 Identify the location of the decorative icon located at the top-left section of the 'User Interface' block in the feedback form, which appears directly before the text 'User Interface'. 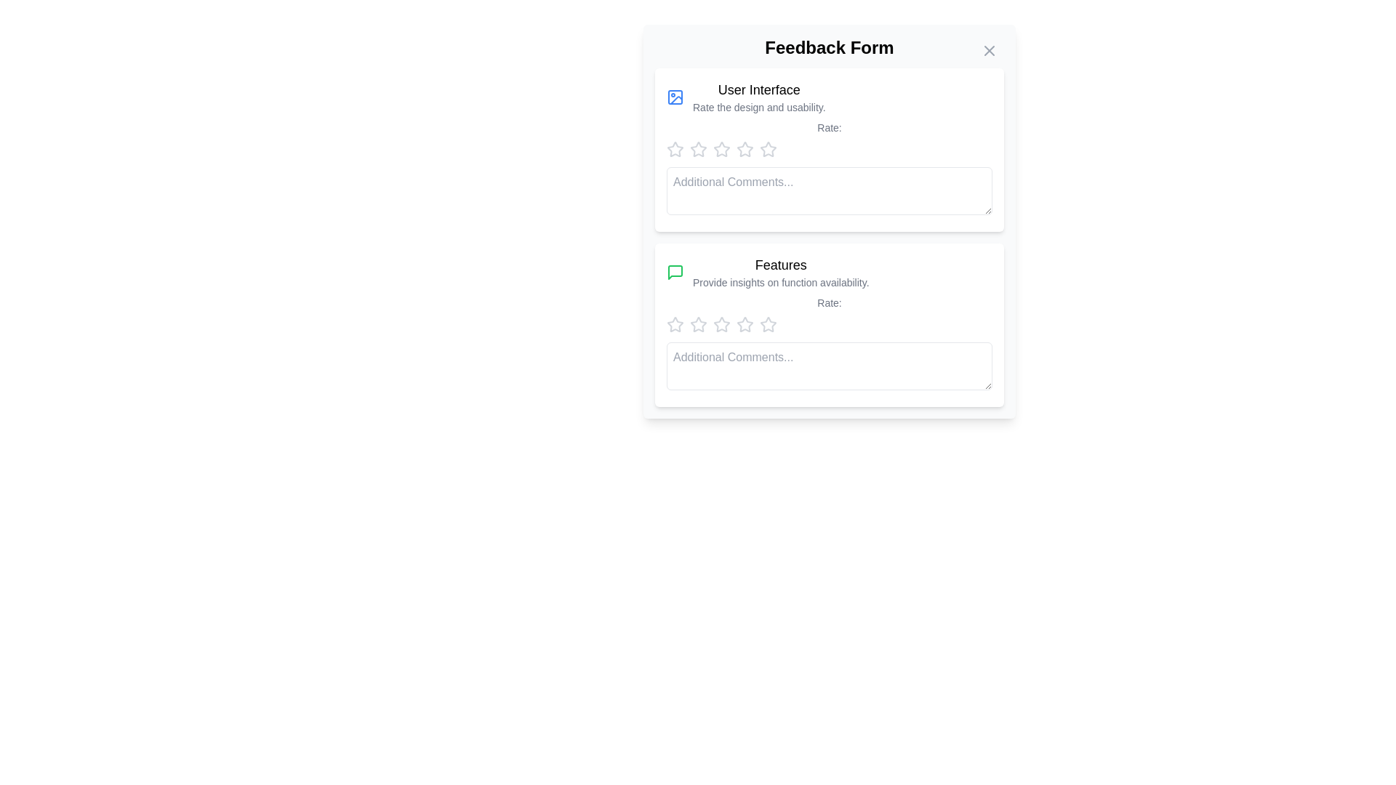
(675, 97).